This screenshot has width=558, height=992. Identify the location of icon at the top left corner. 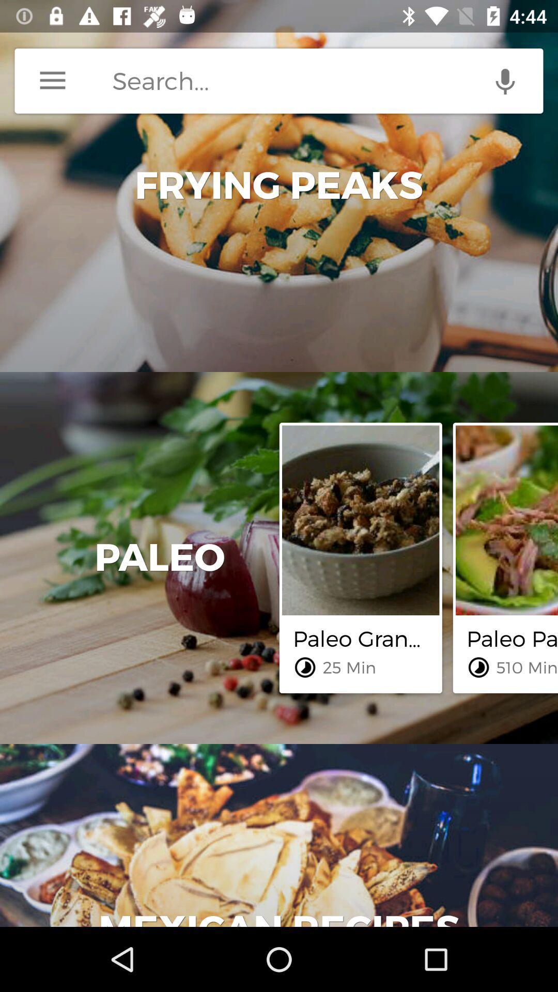
(52, 80).